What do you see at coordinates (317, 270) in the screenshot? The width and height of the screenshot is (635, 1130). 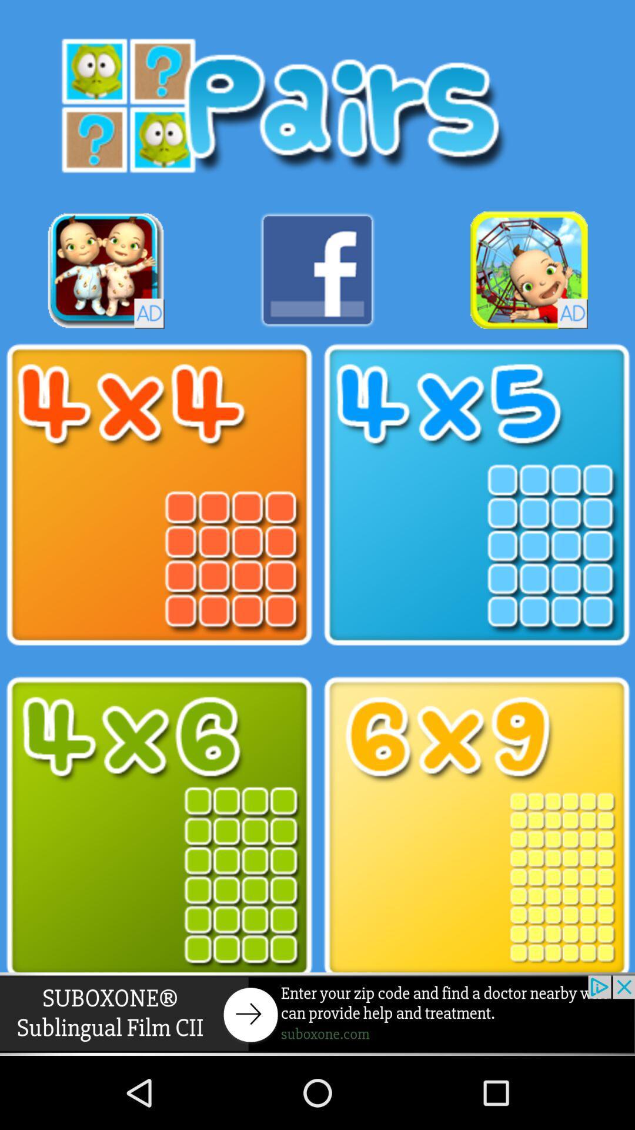 I see `open login to facebook` at bounding box center [317, 270].